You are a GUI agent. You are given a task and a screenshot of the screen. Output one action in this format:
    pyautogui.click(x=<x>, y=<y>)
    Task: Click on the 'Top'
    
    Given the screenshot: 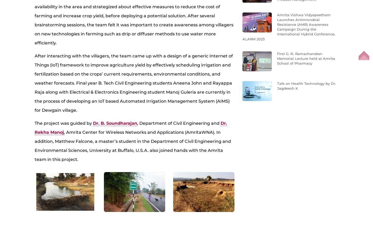 What is the action you would take?
    pyautogui.click(x=364, y=59)
    